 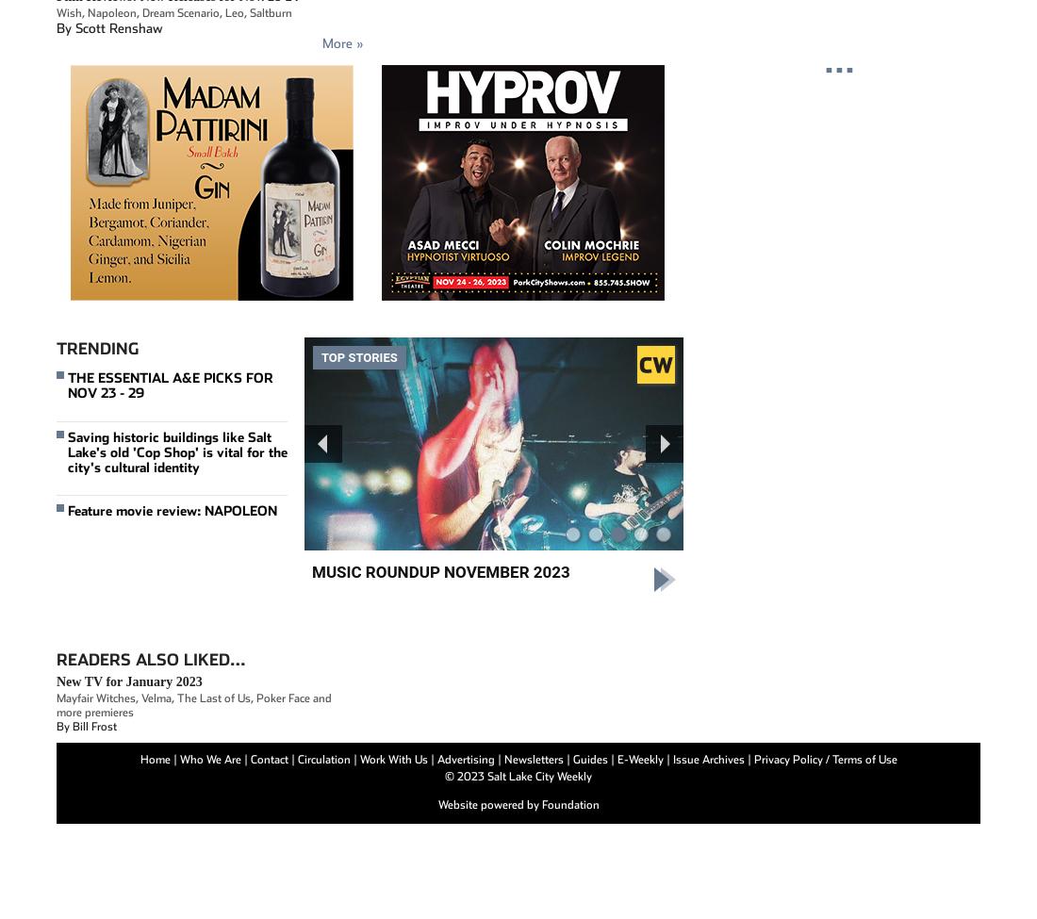 I want to click on 'Music Roundup November 2023', so click(x=438, y=572).